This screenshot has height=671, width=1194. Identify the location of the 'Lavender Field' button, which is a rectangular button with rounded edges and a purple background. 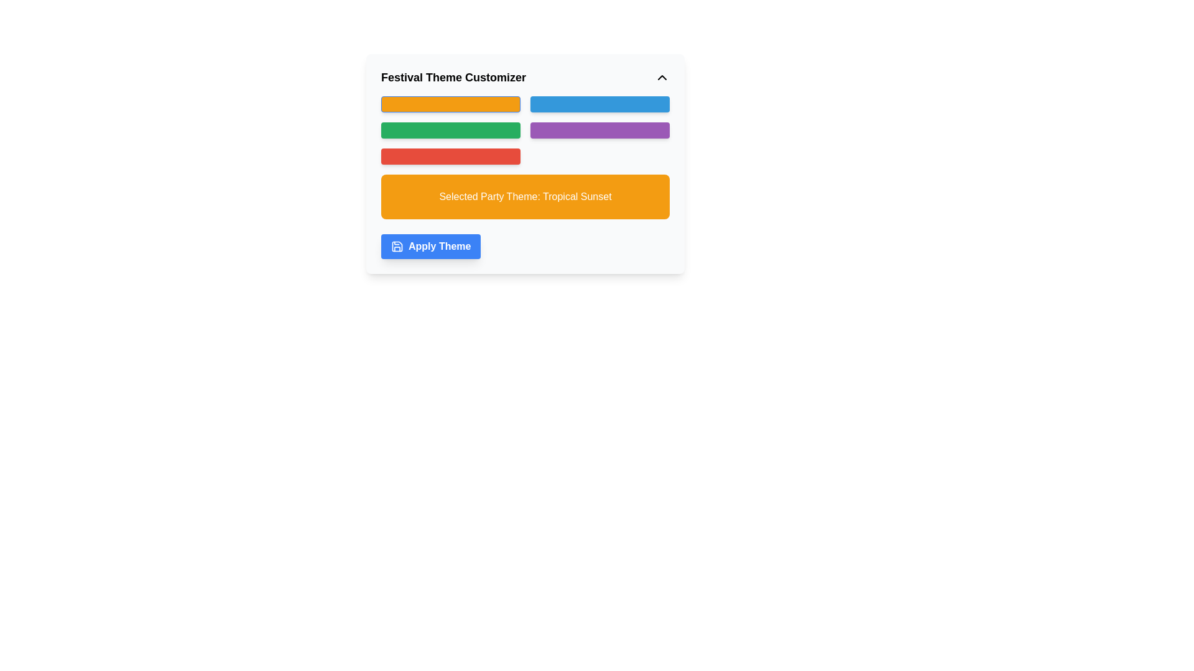
(599, 130).